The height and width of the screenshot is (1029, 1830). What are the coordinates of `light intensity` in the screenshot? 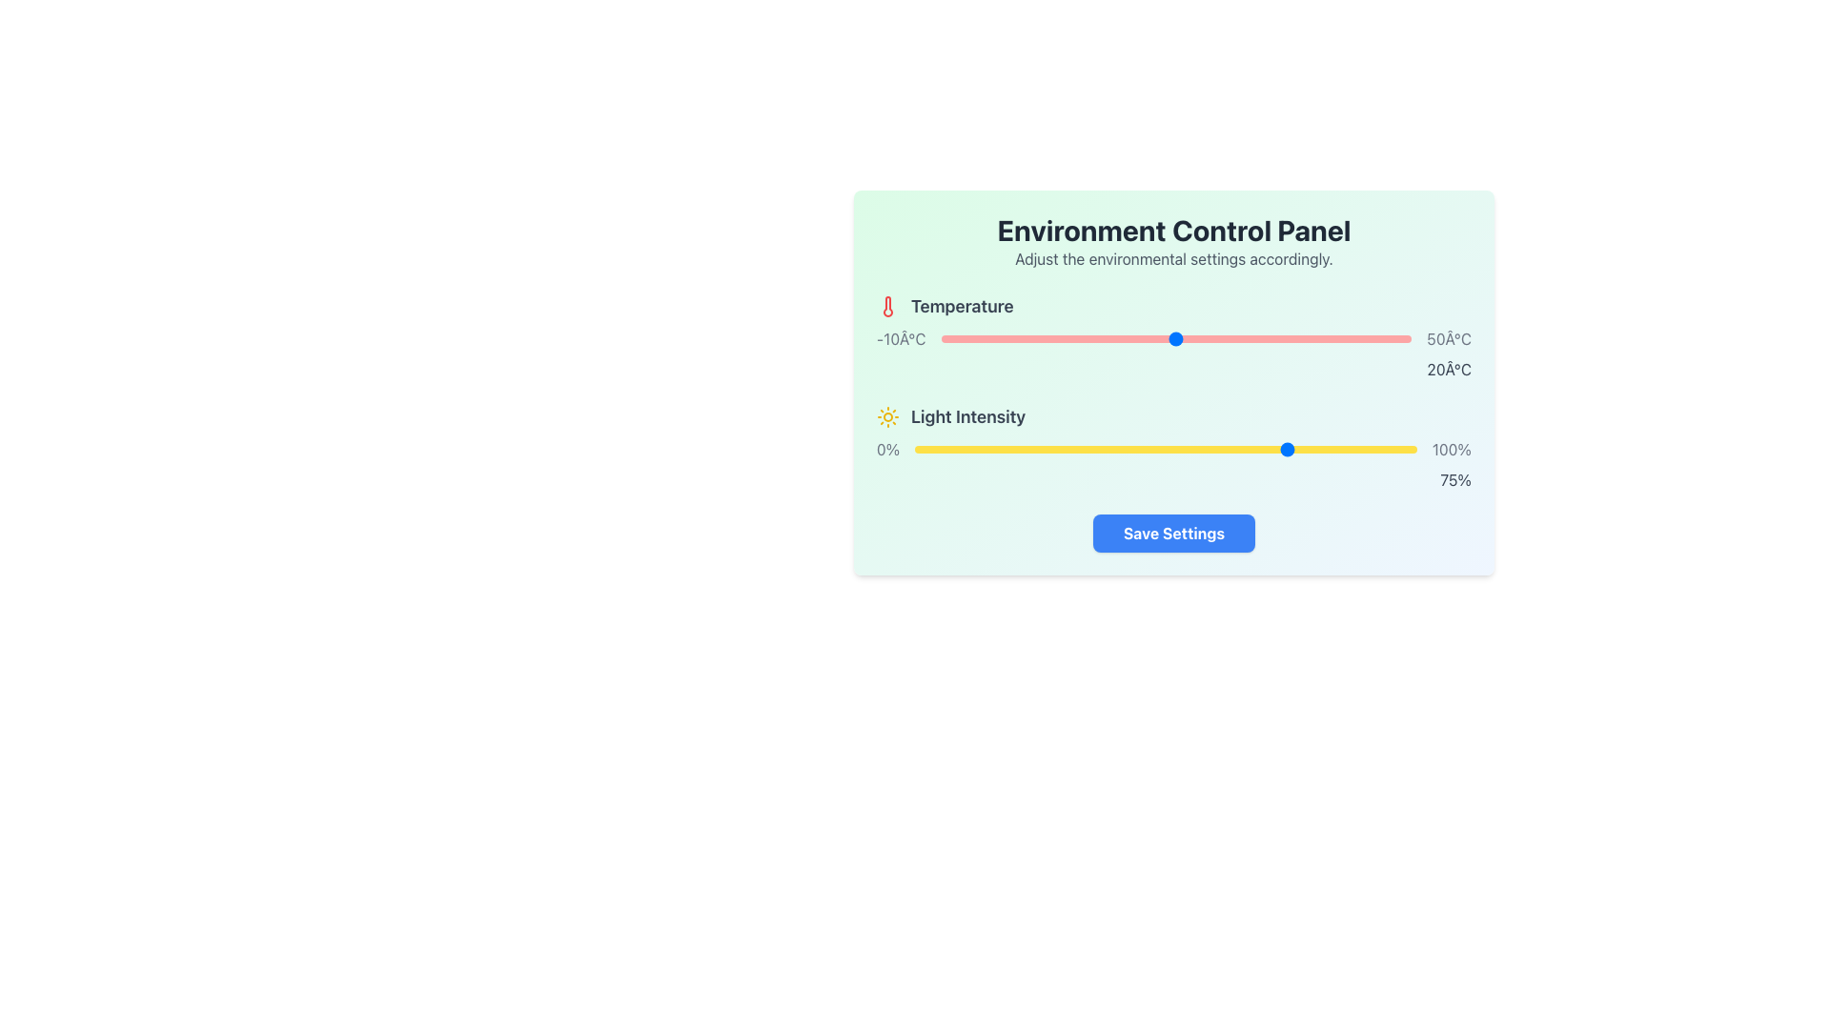 It's located at (1335, 449).